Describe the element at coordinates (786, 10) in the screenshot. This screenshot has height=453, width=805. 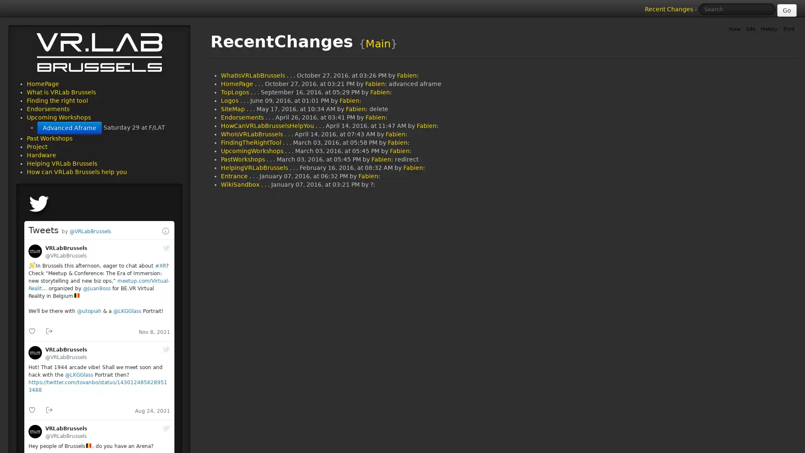
I see `Go` at that location.